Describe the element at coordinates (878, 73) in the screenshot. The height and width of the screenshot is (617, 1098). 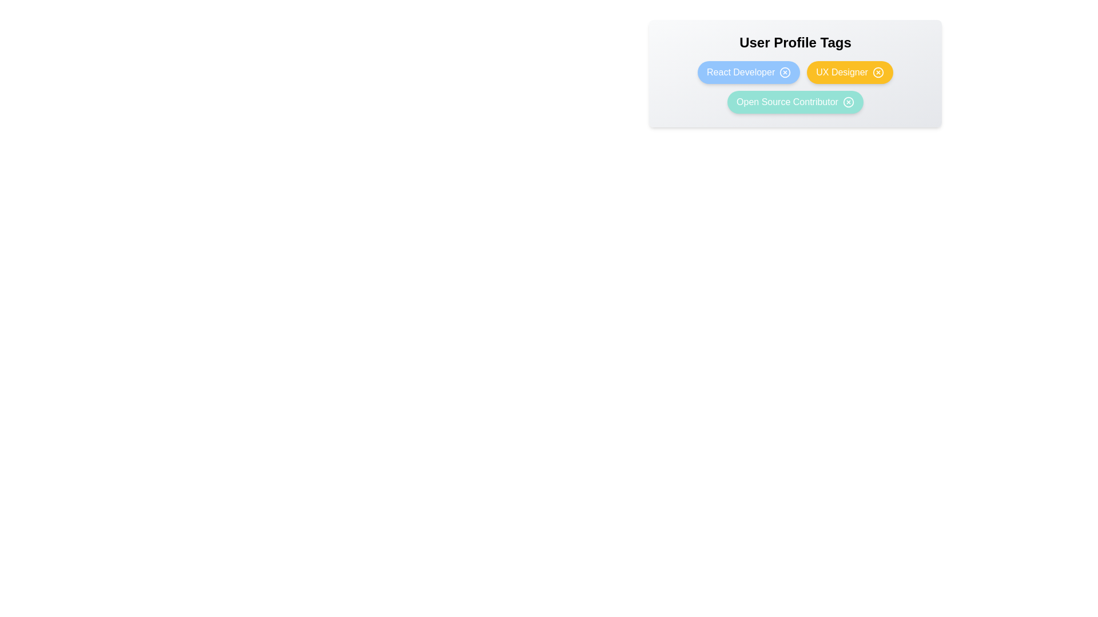
I see `'X' button next to the tag UX Designer to remove it` at that location.